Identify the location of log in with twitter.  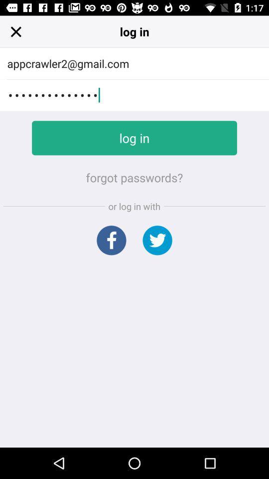
(157, 239).